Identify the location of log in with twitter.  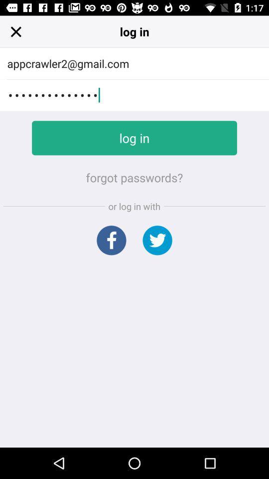
(157, 239).